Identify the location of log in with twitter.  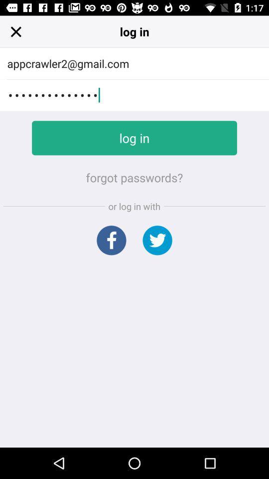
(157, 239).